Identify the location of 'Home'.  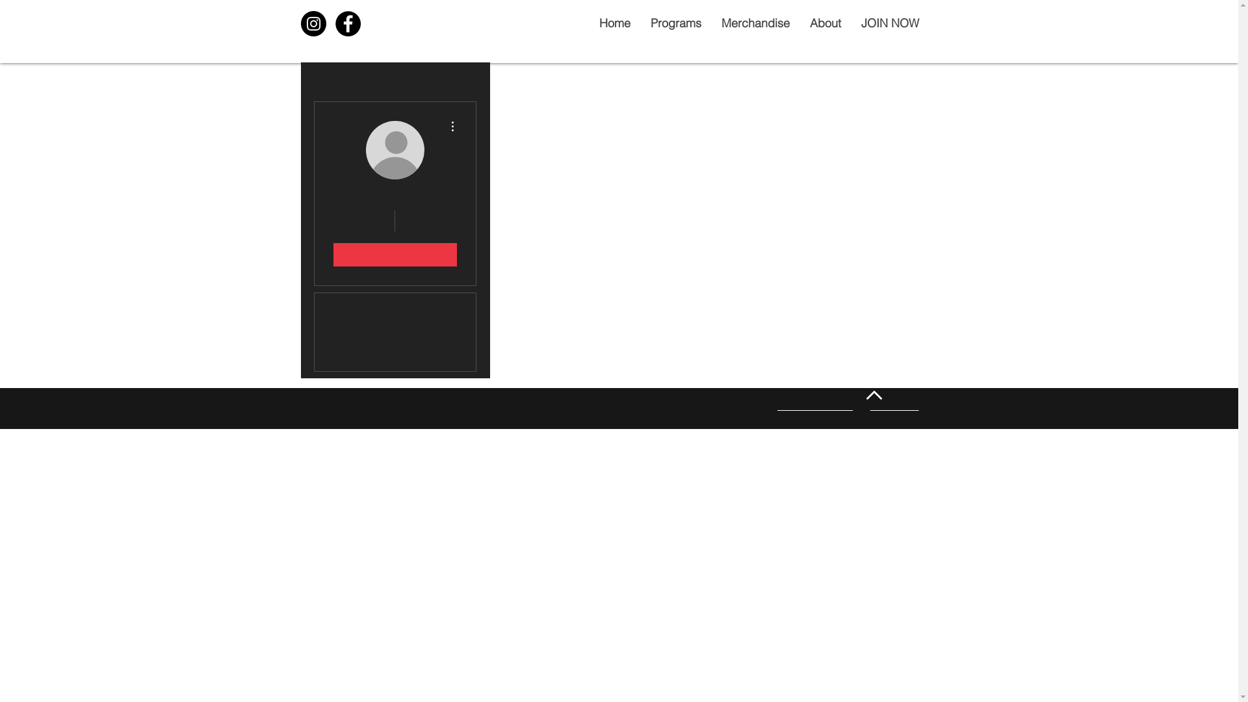
(614, 23).